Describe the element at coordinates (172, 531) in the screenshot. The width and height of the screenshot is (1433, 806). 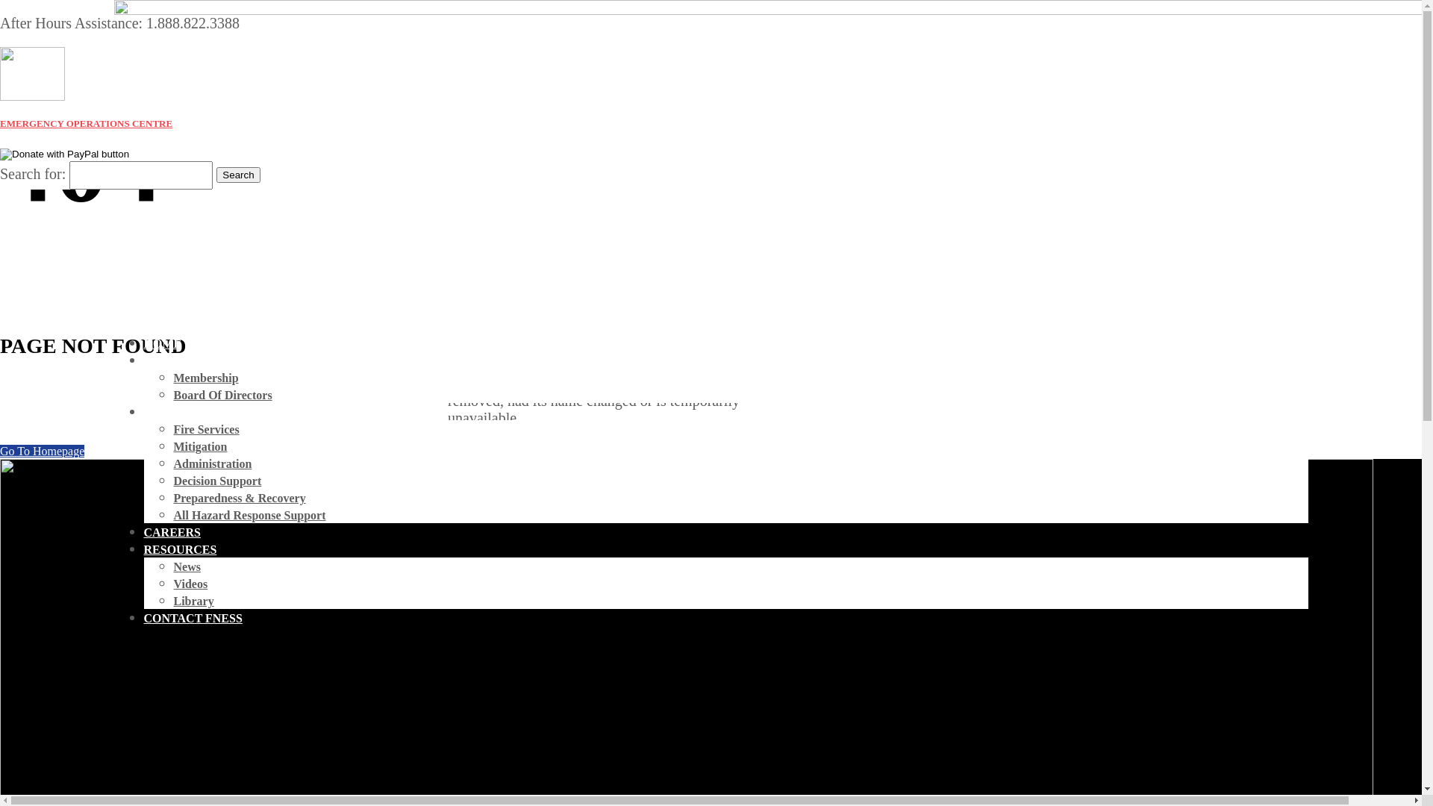
I see `'CAREERS'` at that location.